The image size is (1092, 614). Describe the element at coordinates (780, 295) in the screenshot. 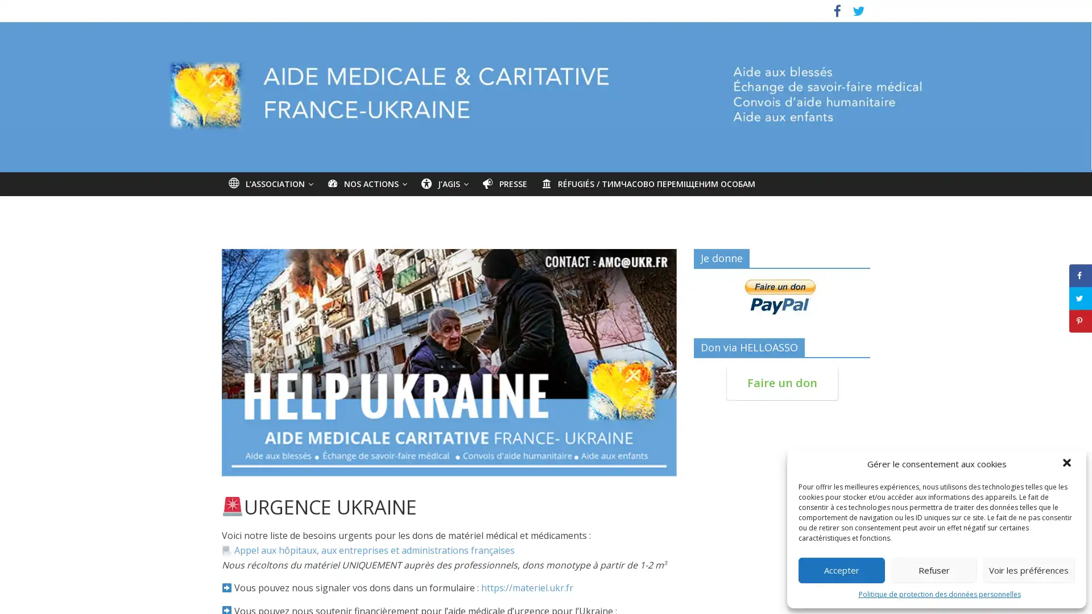

I see `PayPal - The safer, easier way to pay online.` at that location.